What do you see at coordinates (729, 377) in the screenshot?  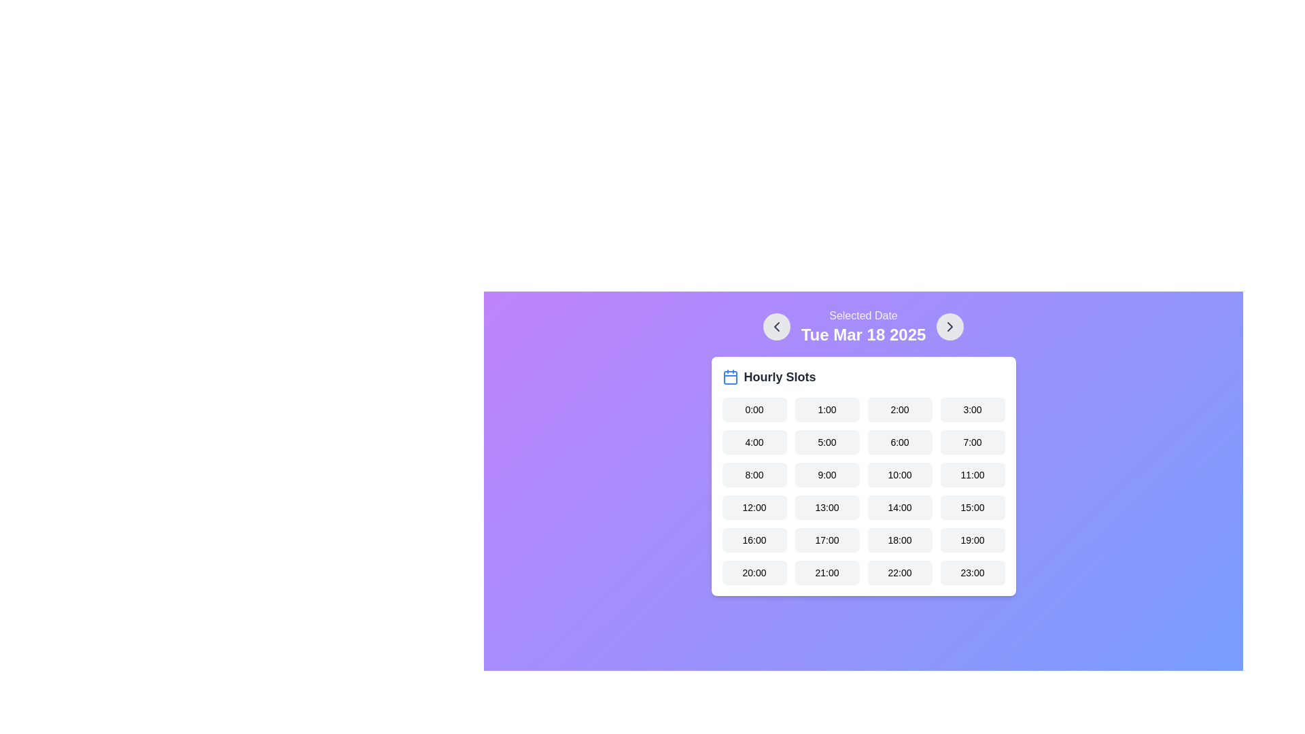 I see `the calendar icon with a blue outline located at the top left corner of the 'Hourly Slots' section, directly preceding the text 'Hourly Slots'` at bounding box center [729, 377].